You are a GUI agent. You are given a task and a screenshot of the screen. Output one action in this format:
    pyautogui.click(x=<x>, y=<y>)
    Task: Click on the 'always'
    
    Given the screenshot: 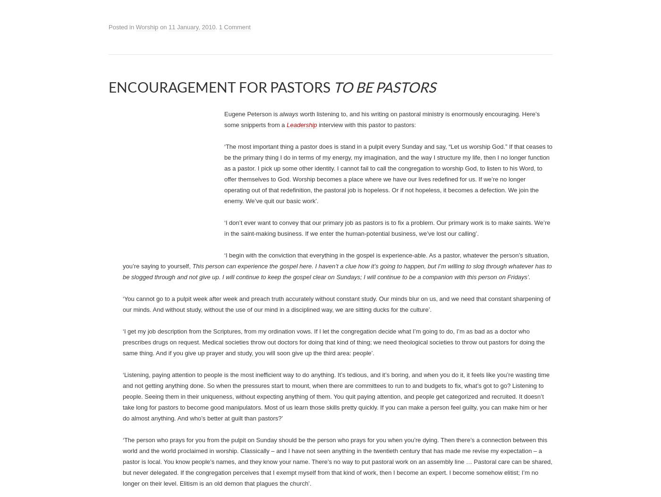 What is the action you would take?
    pyautogui.click(x=288, y=476)
    